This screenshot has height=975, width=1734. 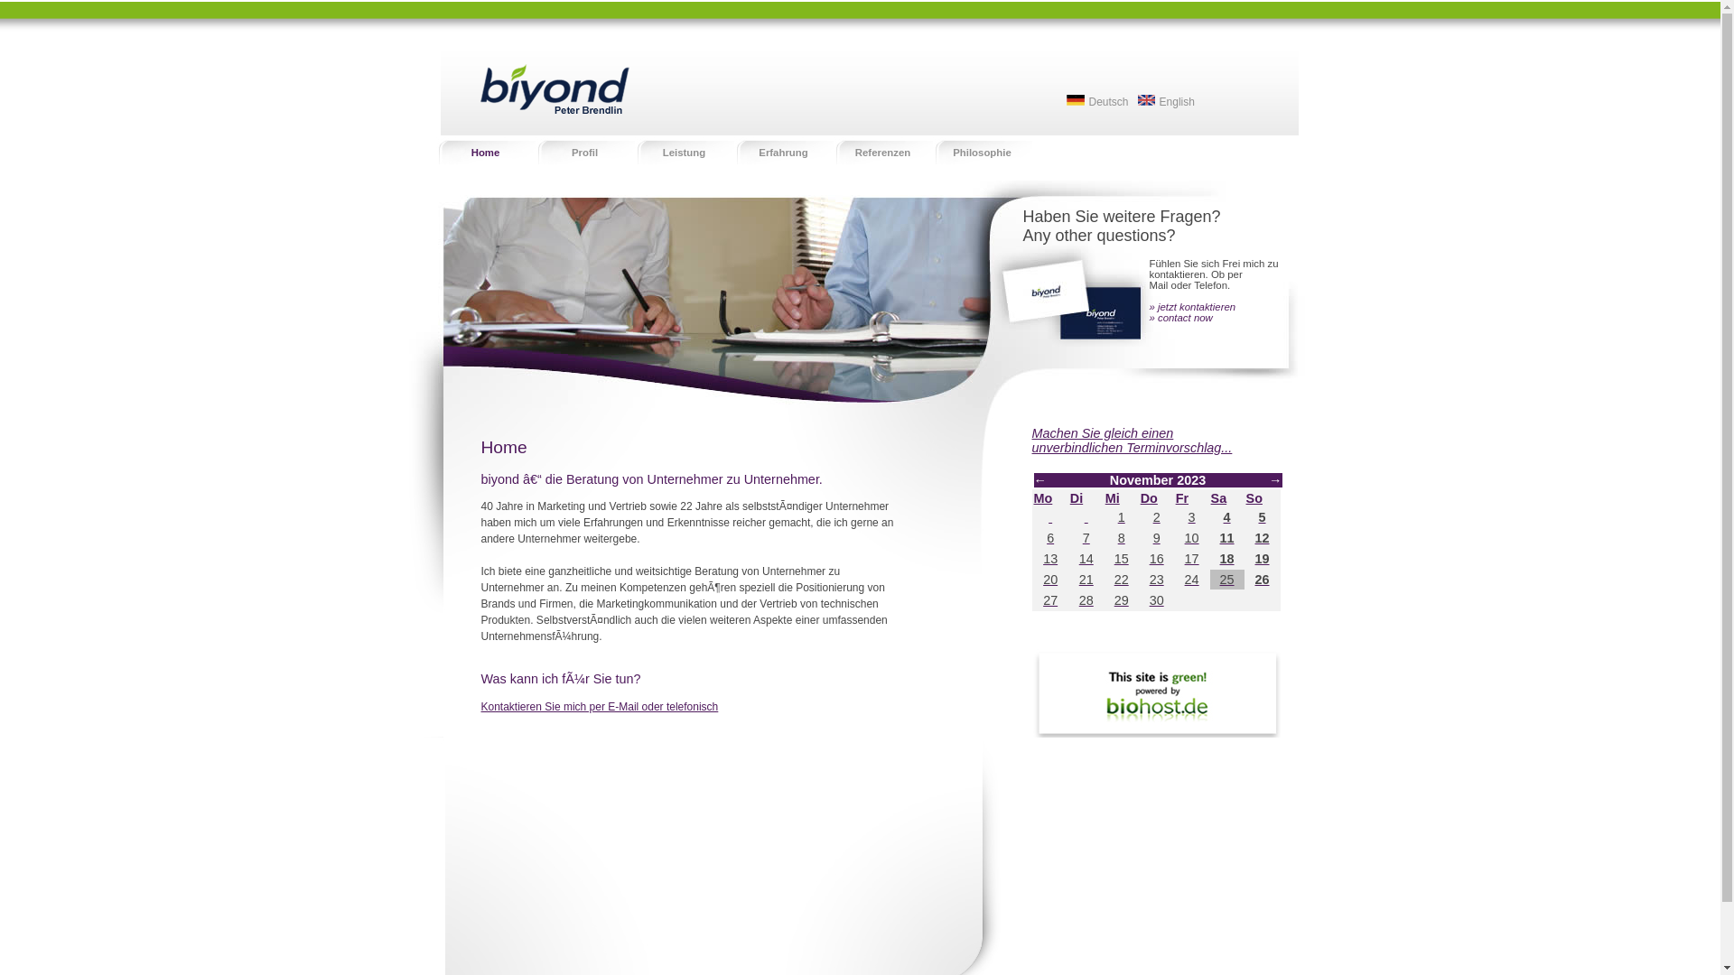 I want to click on '10', so click(x=1184, y=537).